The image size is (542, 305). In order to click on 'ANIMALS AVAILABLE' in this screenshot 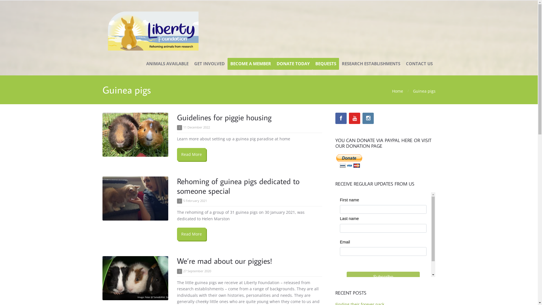, I will do `click(167, 64)`.